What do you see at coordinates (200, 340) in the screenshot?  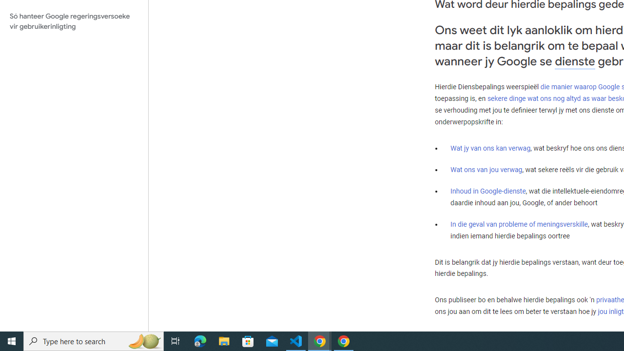 I see `'Microsoft Edge'` at bounding box center [200, 340].